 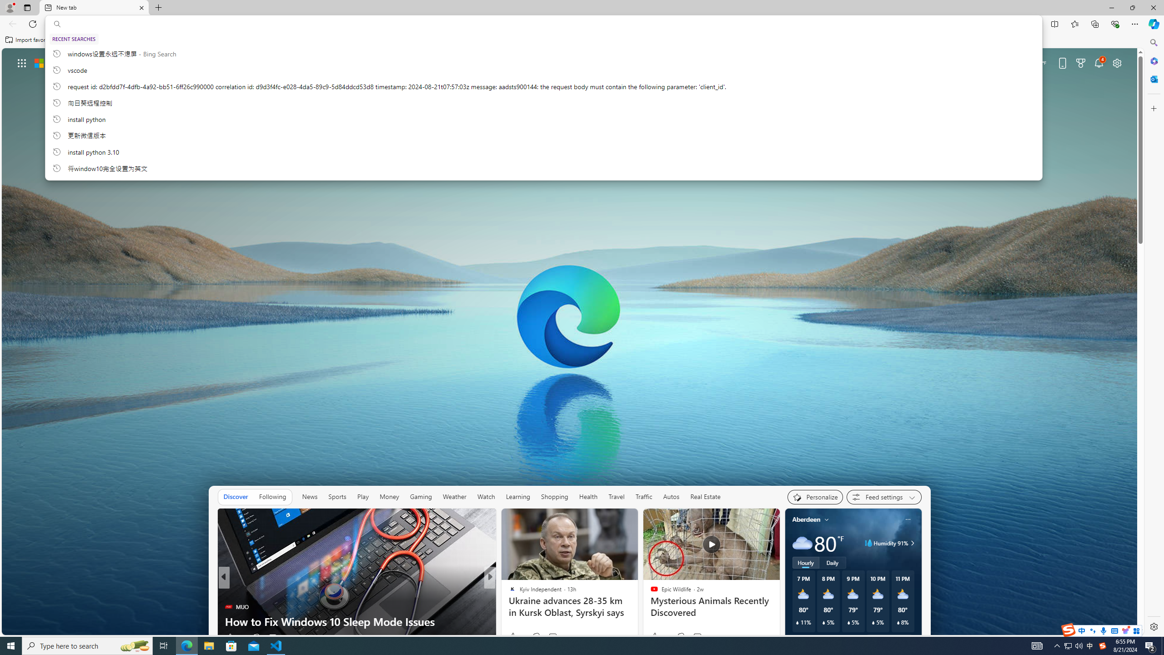 What do you see at coordinates (337, 496) in the screenshot?
I see `'Sports'` at bounding box center [337, 496].